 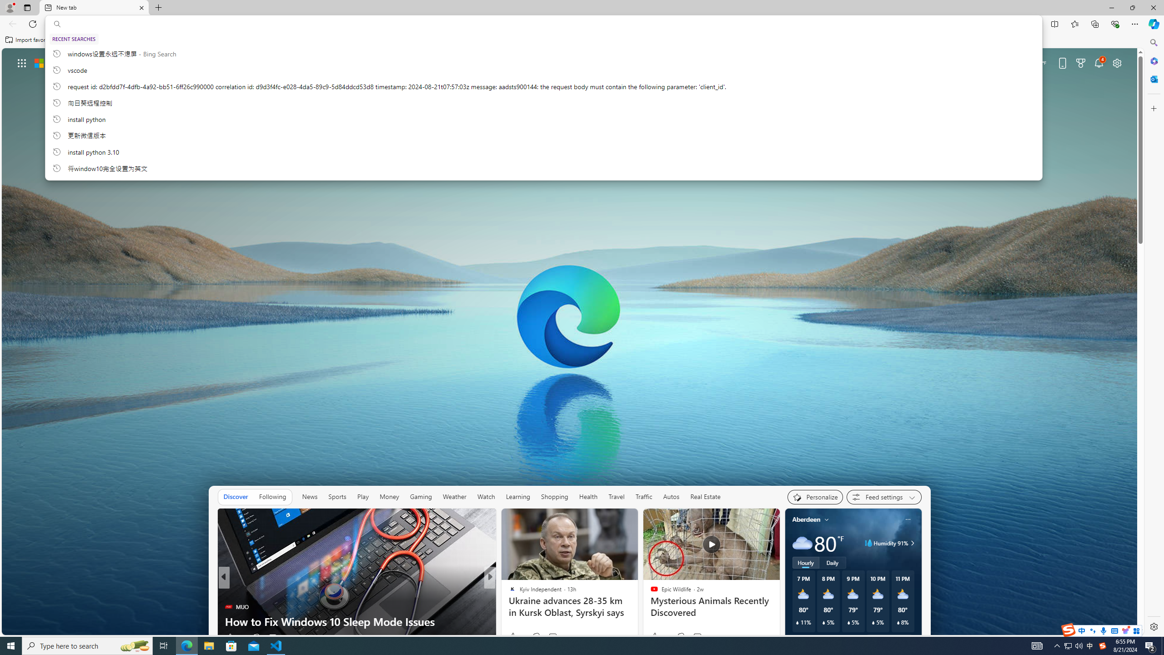 What do you see at coordinates (337, 496) in the screenshot?
I see `'Sports'` at bounding box center [337, 496].